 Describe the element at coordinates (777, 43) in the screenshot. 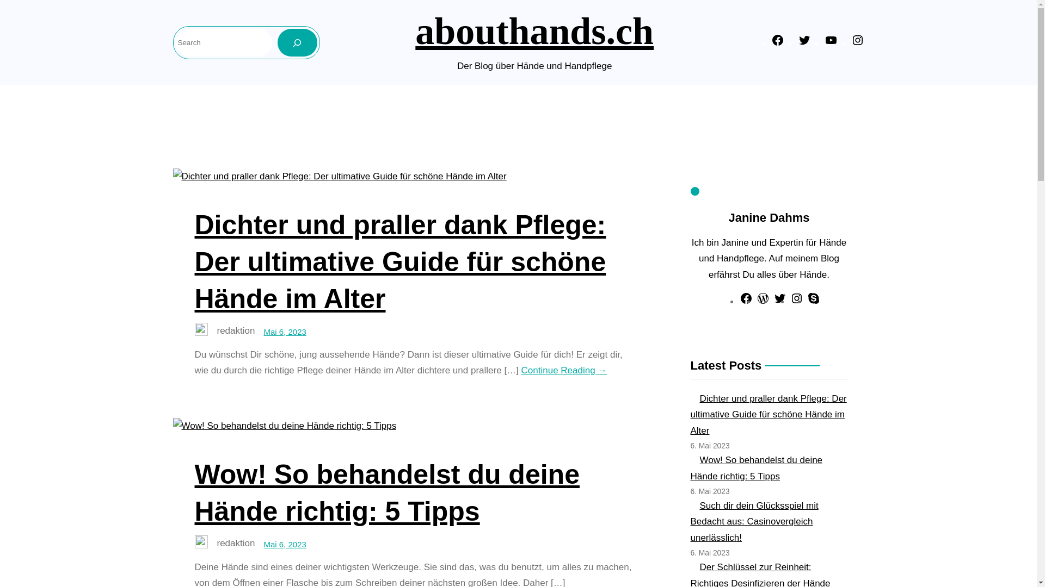

I see `'Facebook'` at that location.